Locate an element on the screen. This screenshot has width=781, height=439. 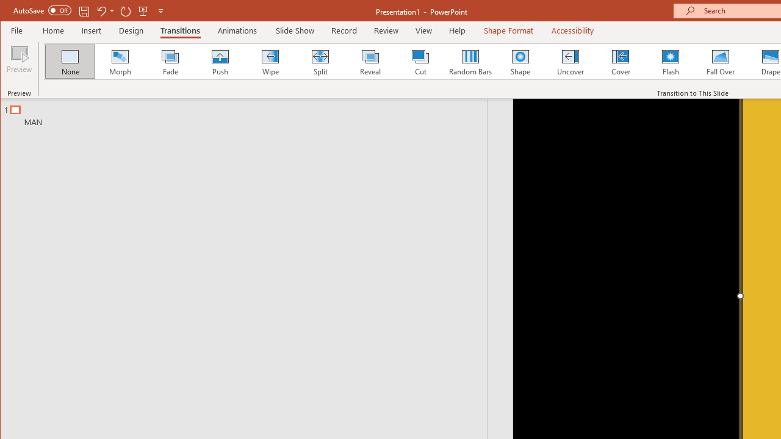
'Shape' is located at coordinates (520, 61).